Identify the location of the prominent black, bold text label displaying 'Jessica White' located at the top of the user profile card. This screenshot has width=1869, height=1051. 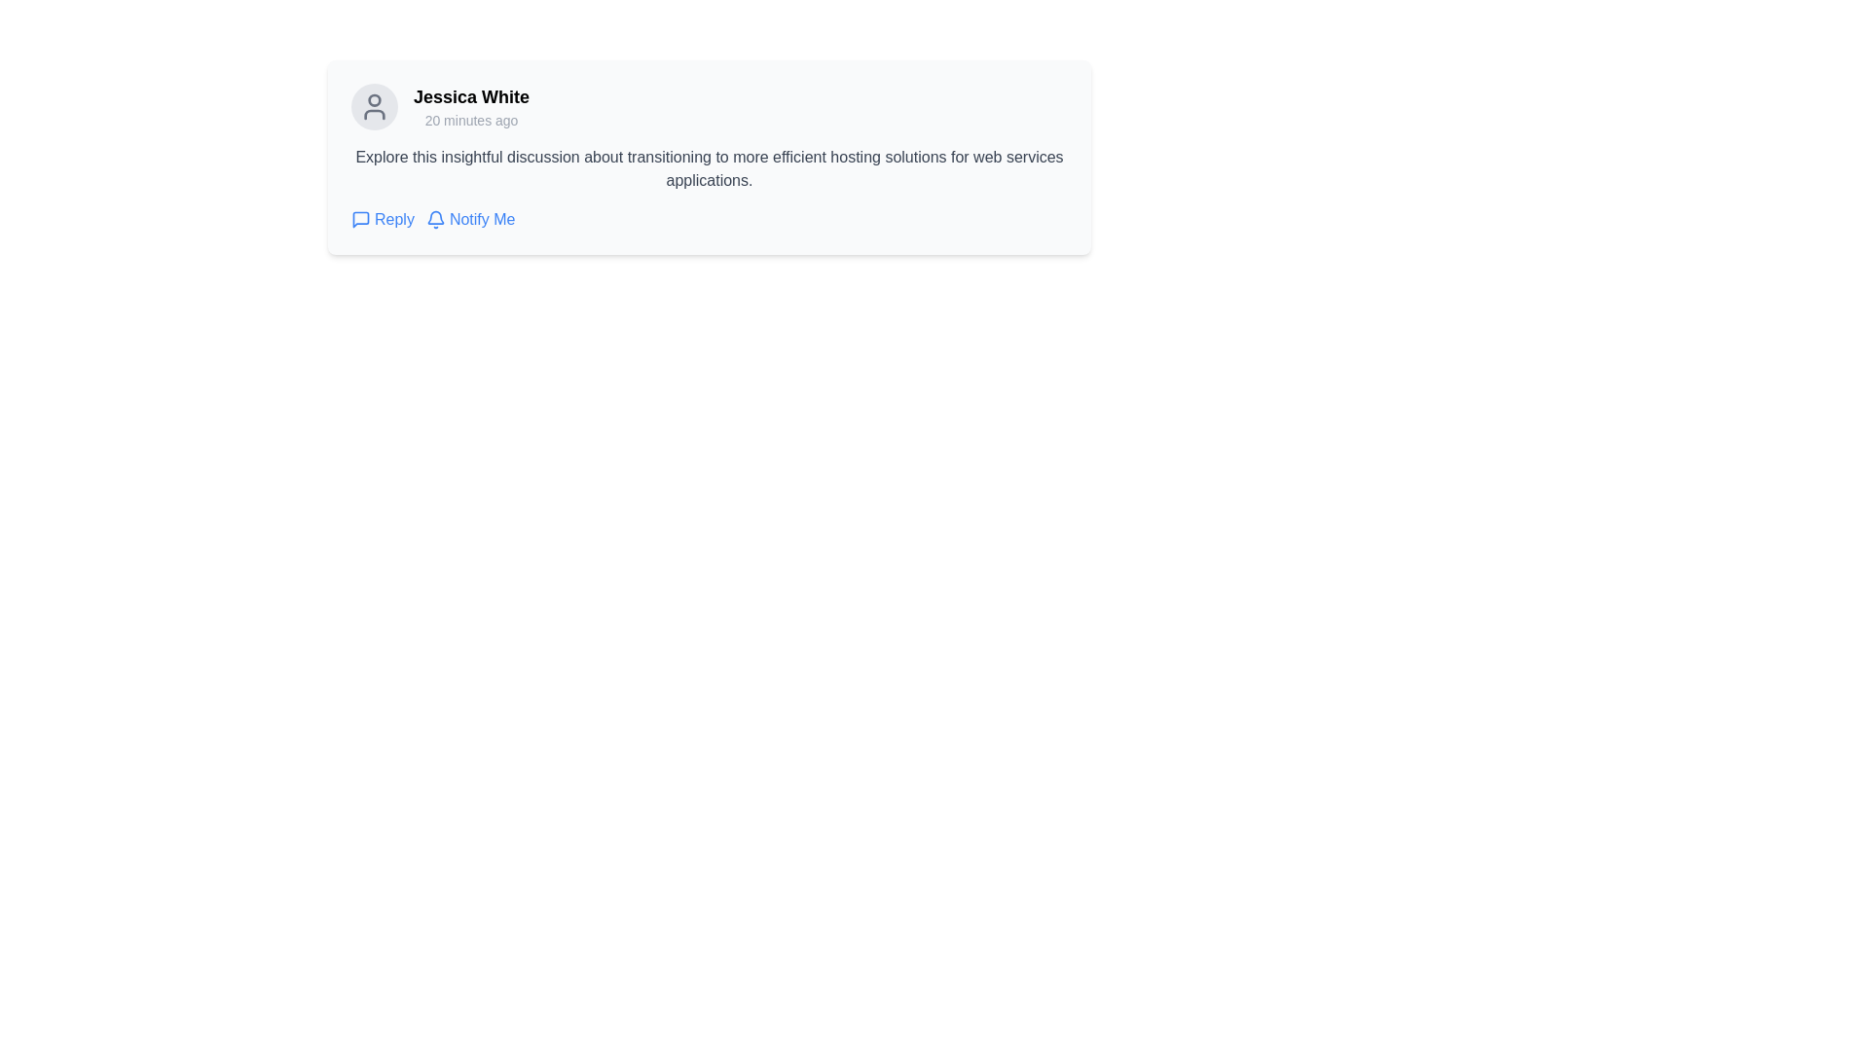
(471, 97).